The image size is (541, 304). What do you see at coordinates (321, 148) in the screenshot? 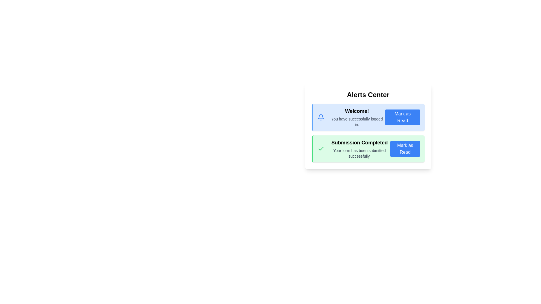
I see `the checkmark SVG icon indicating successful form submission, located within the second notification block with a green background, to the left of the 'Submission Completed' text` at bounding box center [321, 148].